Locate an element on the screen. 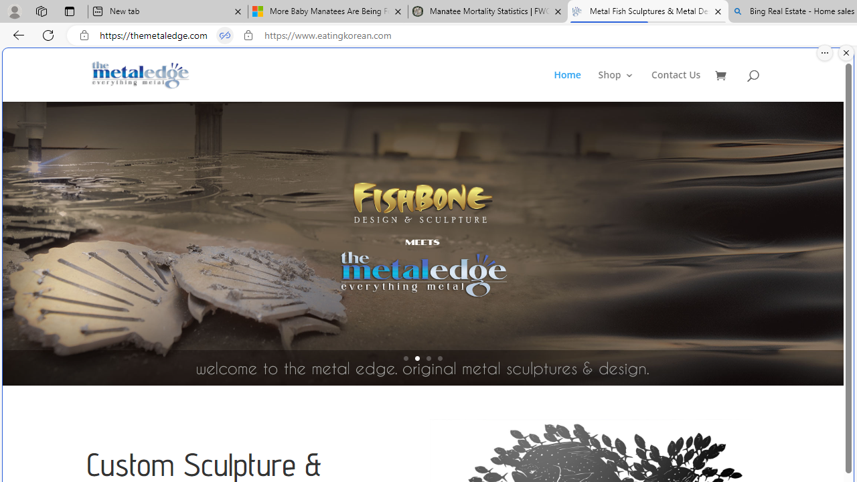 The height and width of the screenshot is (482, 857). '2' is located at coordinates (416, 357).